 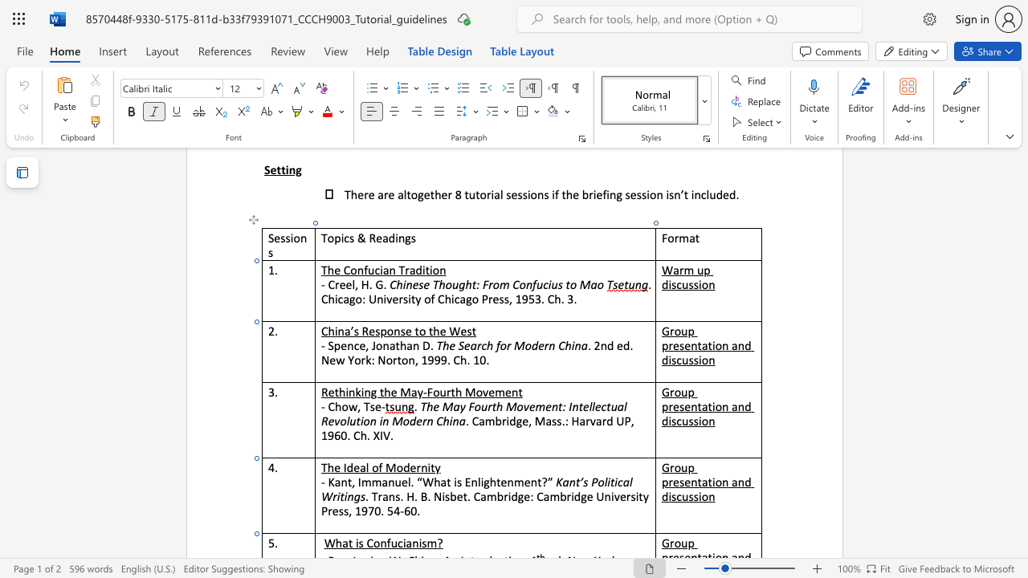 I want to click on the 5th character "." in the text, so click(x=487, y=359).